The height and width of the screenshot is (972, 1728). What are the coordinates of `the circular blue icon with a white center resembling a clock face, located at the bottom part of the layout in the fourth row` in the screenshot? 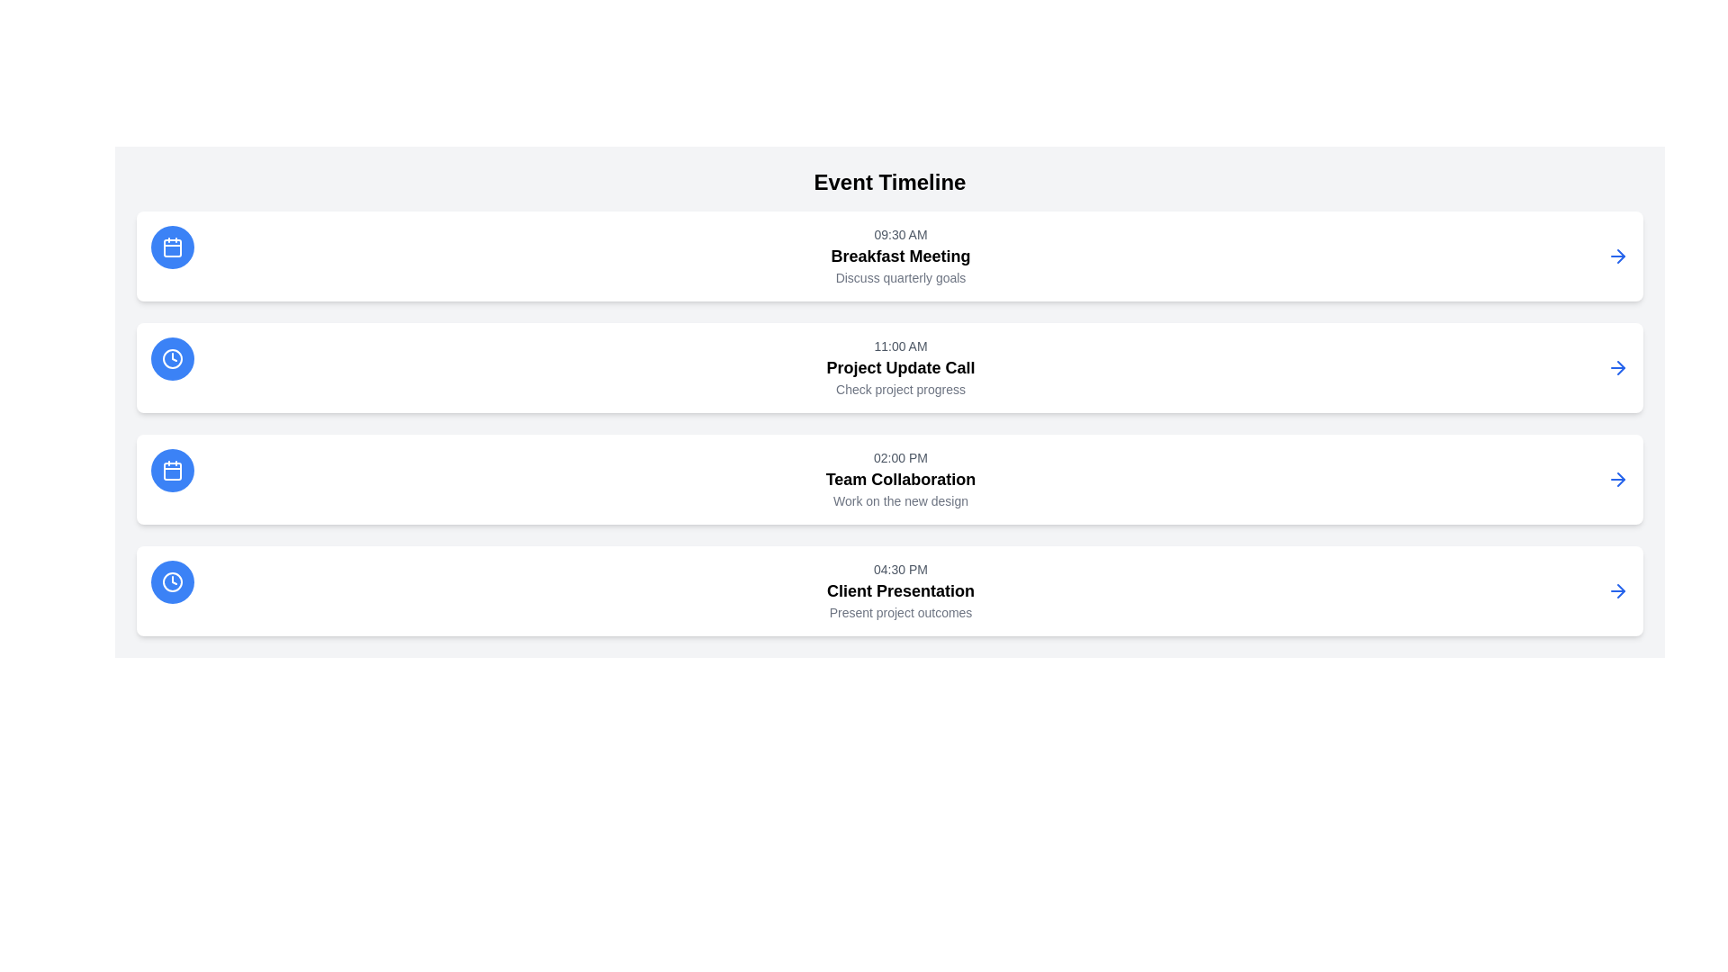 It's located at (173, 358).